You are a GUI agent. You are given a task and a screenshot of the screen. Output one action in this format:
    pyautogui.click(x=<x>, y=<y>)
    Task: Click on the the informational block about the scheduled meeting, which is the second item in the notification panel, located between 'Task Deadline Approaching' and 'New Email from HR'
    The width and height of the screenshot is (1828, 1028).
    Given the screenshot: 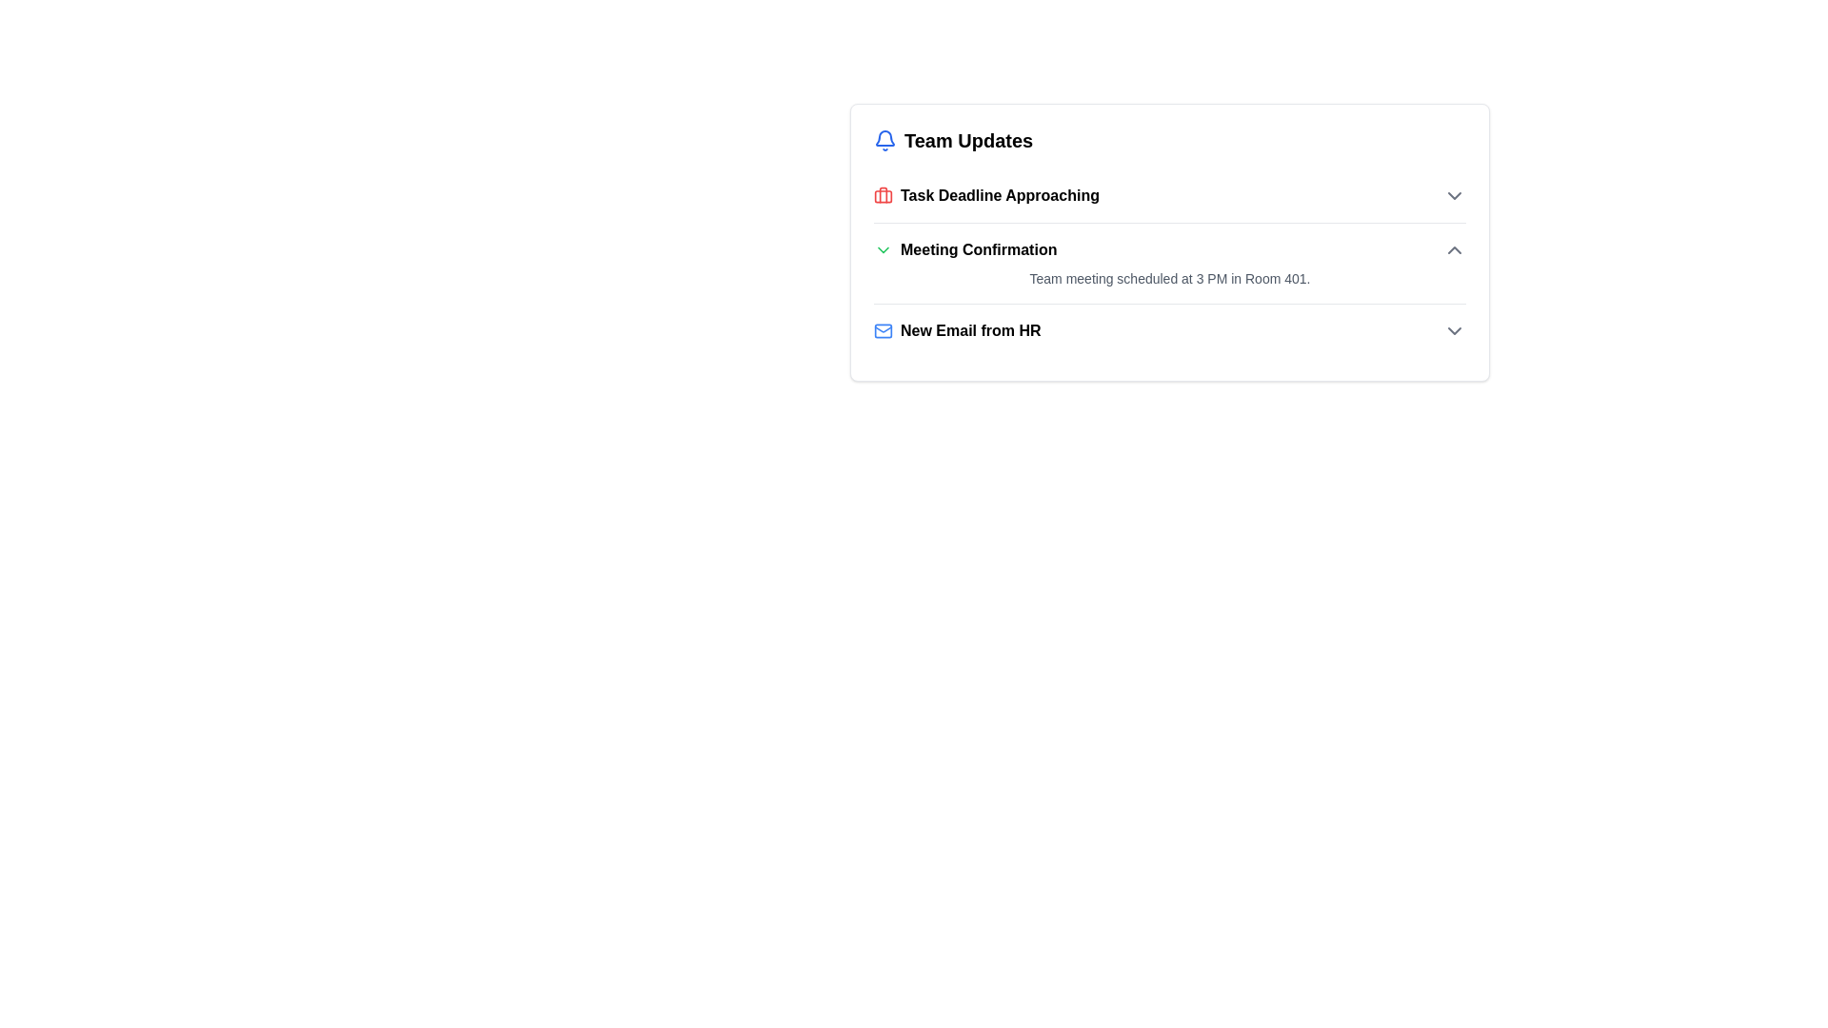 What is the action you would take?
    pyautogui.click(x=1168, y=263)
    